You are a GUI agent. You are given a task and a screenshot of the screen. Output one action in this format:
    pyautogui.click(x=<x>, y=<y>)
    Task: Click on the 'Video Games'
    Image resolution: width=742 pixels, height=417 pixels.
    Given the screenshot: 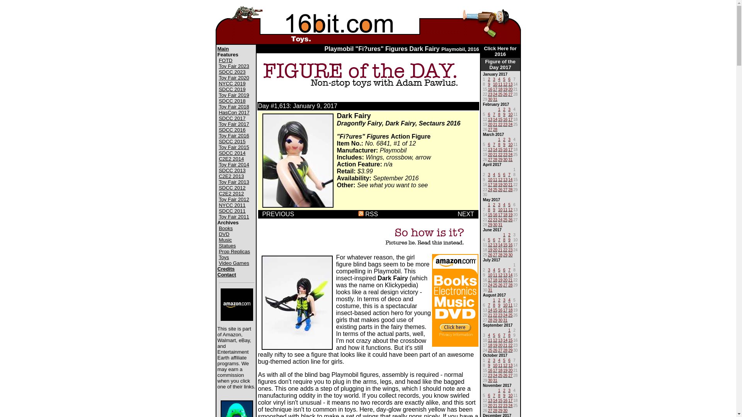 What is the action you would take?
    pyautogui.click(x=233, y=263)
    